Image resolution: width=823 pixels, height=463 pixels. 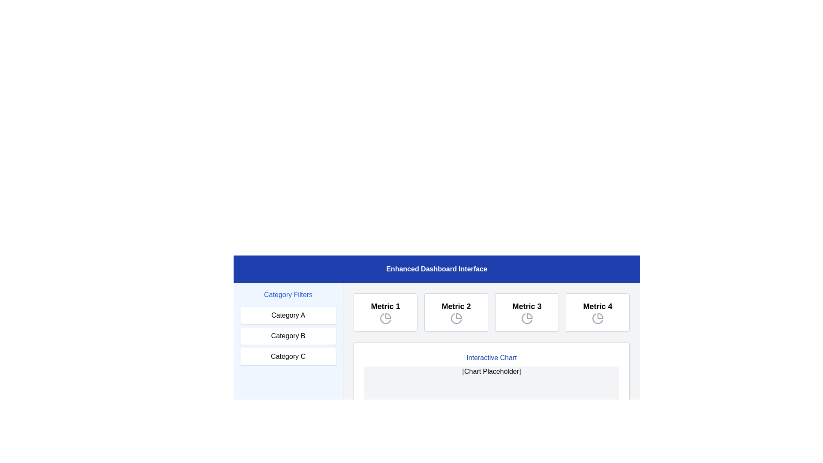 I want to click on the first Informational Card in the grid layout located under the blue header labeled 'Enhanced Dashboard Interface', so click(x=385, y=313).